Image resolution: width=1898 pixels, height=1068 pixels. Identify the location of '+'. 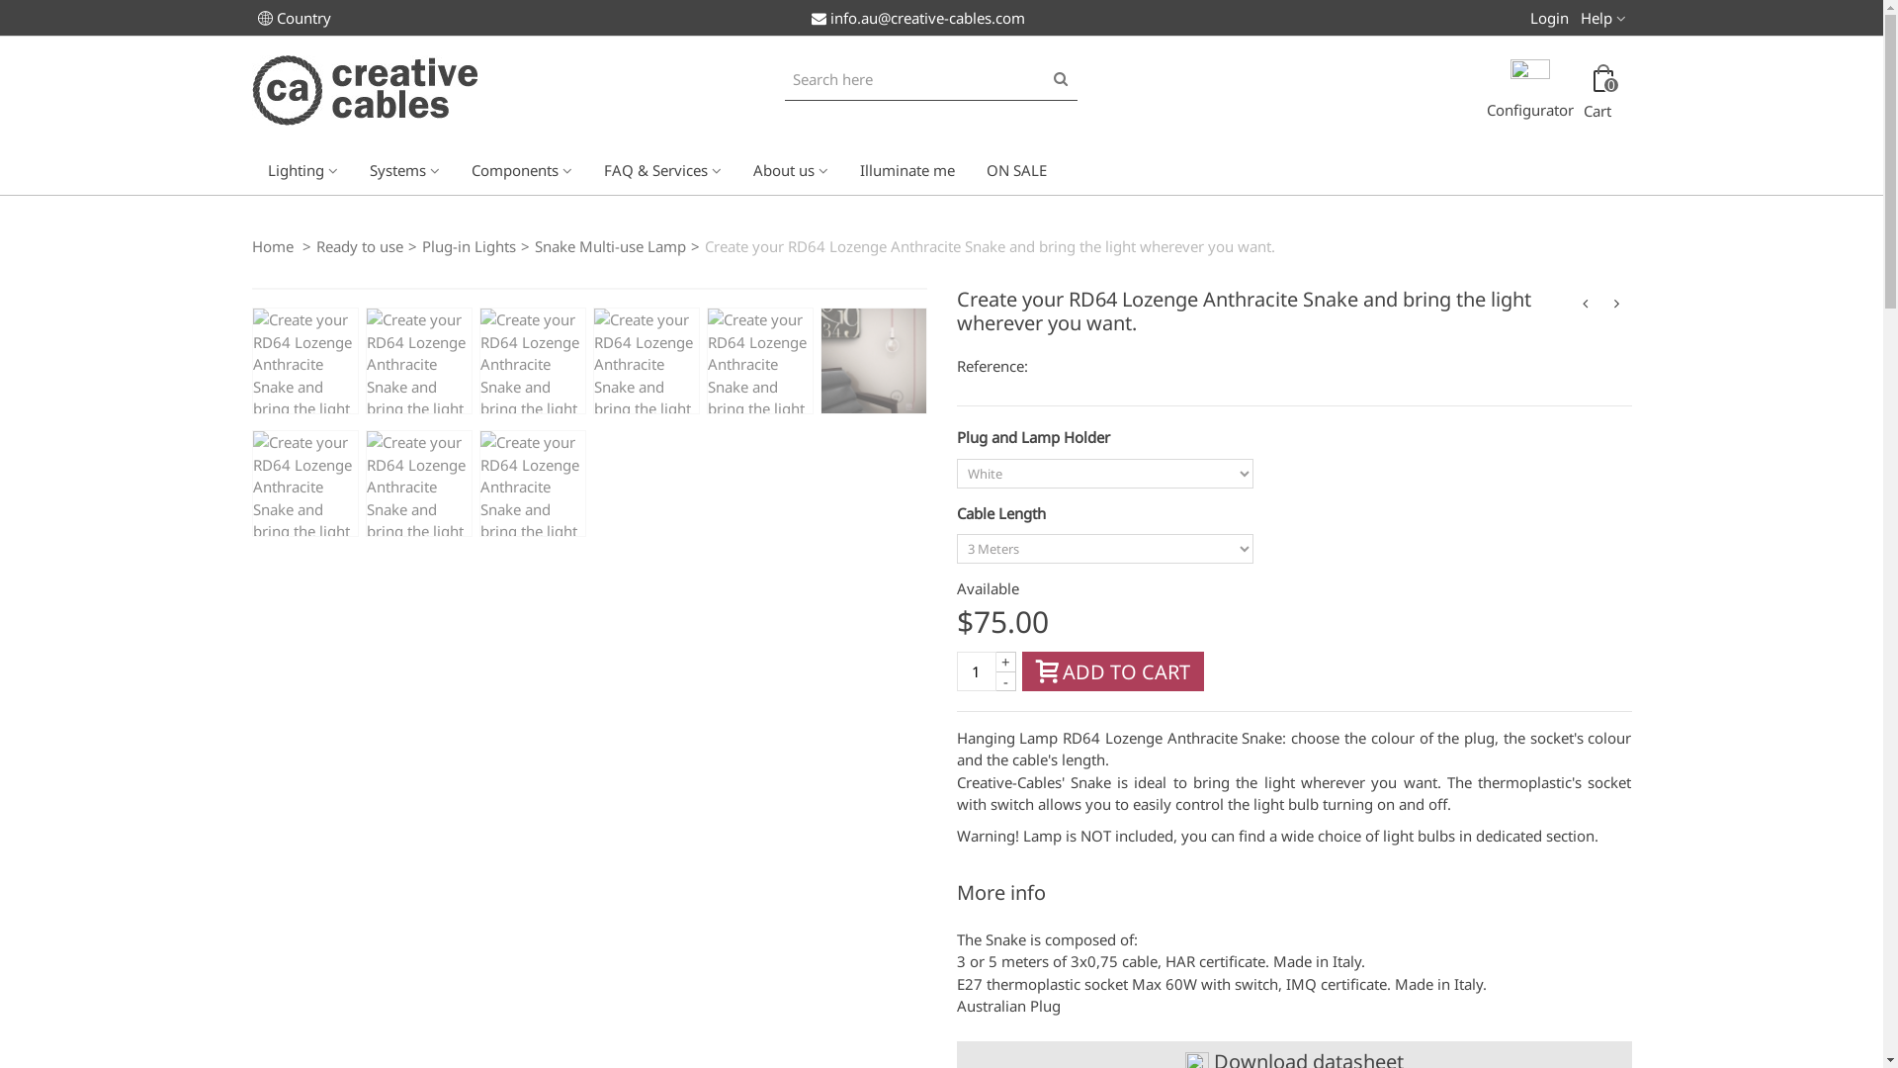
(1005, 661).